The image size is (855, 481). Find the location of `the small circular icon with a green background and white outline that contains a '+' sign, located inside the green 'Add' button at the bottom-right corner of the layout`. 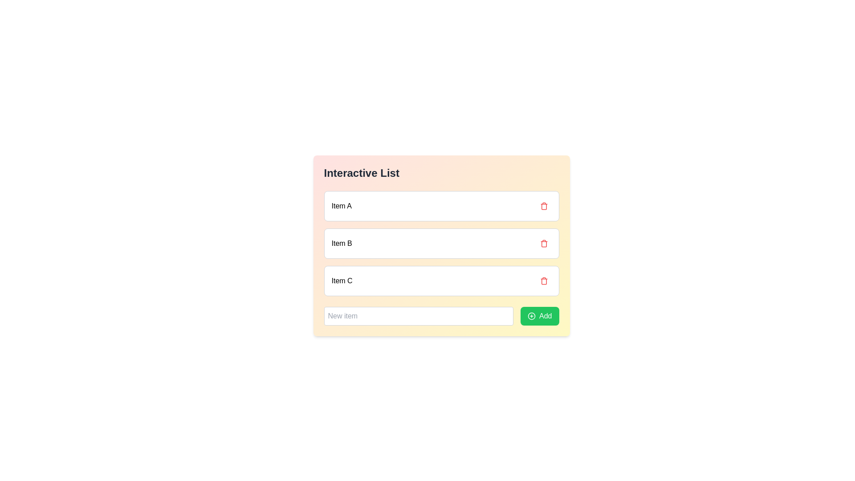

the small circular icon with a green background and white outline that contains a '+' sign, located inside the green 'Add' button at the bottom-right corner of the layout is located at coordinates (532, 315).